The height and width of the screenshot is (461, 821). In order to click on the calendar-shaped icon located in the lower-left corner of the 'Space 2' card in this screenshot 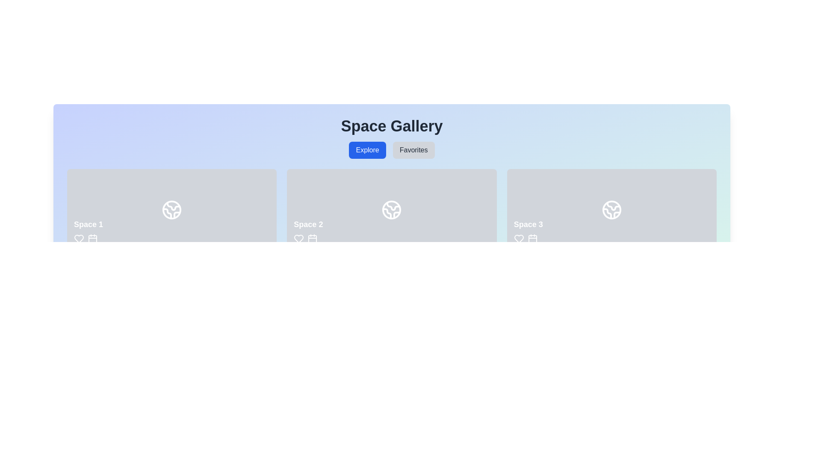, I will do `click(312, 239)`.